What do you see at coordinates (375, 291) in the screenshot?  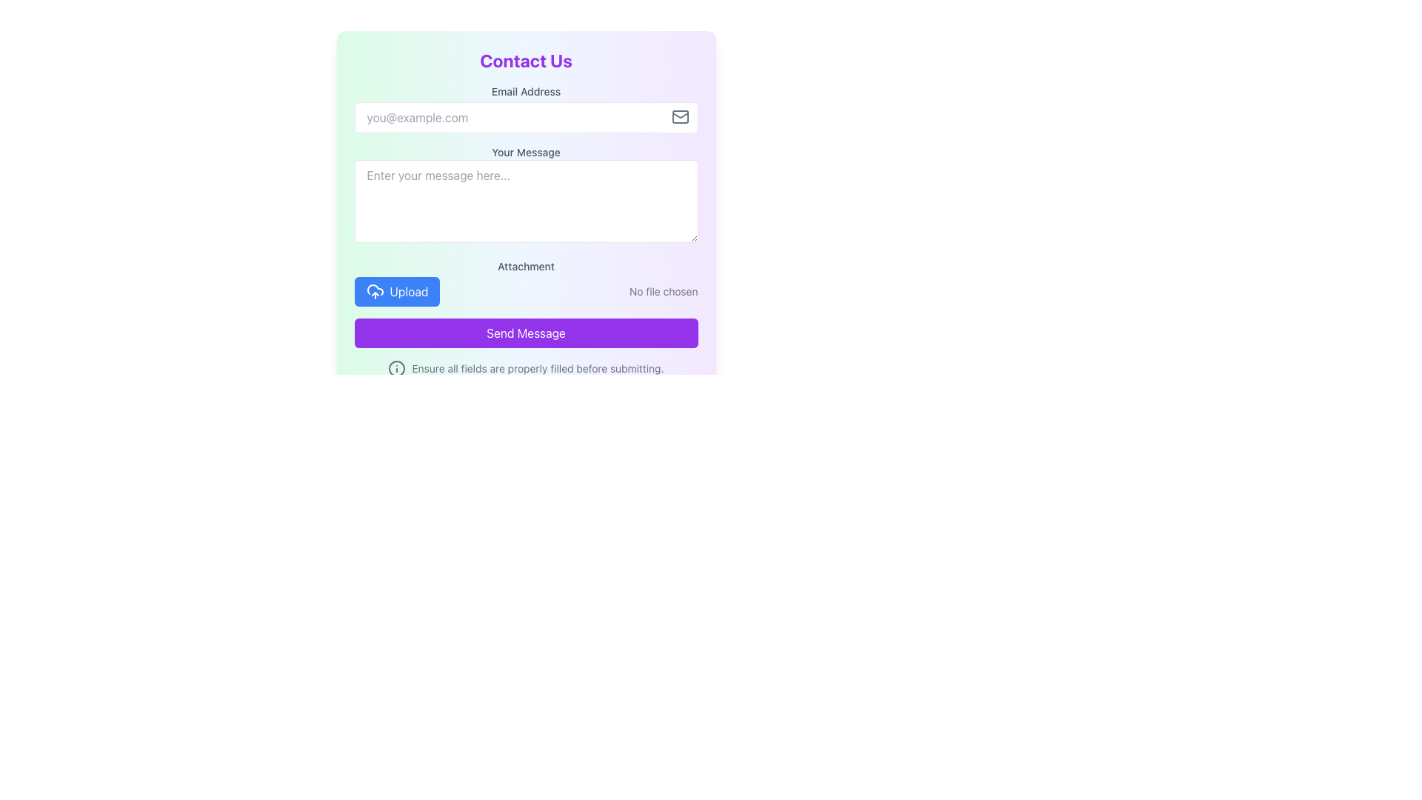 I see `the cloud upload icon located within the blue 'Upload' button, which is positioned beneath the 'Your Message' text area` at bounding box center [375, 291].